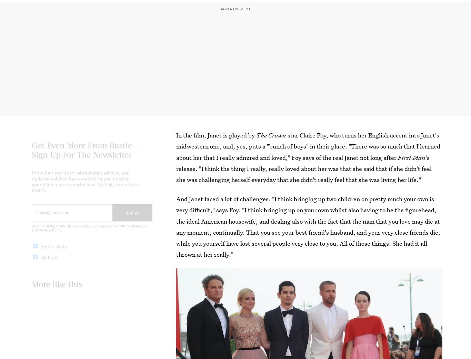 This screenshot has width=471, height=359. I want to click on 'Privacy Policy', so click(50, 236).